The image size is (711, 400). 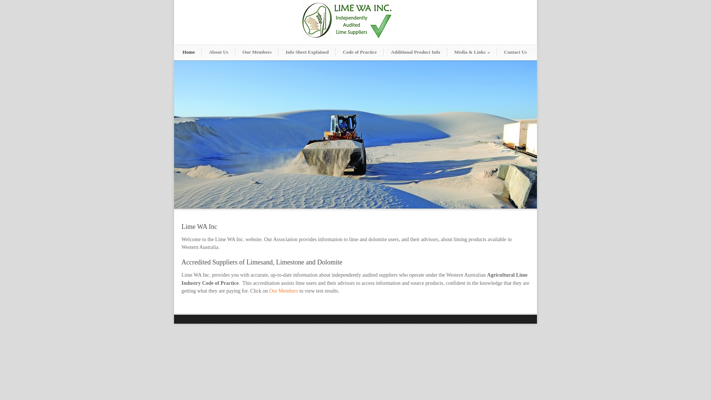 I want to click on 'Send', so click(x=11, y=5).